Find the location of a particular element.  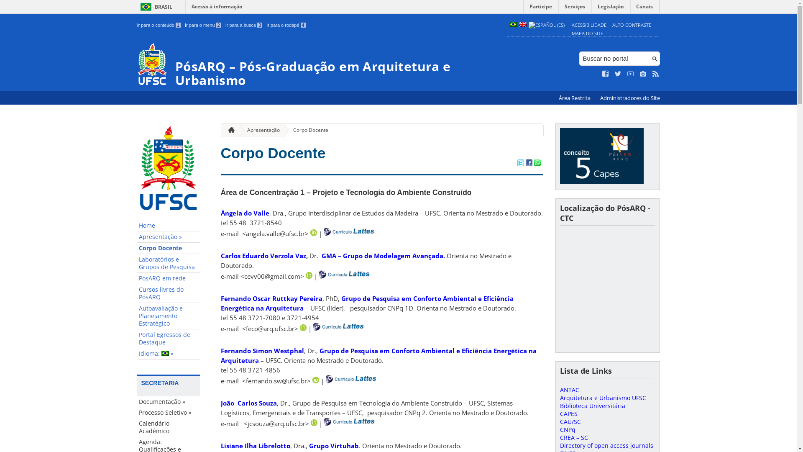

'Lisiane Ilha Librelotto' is located at coordinates (255, 445).